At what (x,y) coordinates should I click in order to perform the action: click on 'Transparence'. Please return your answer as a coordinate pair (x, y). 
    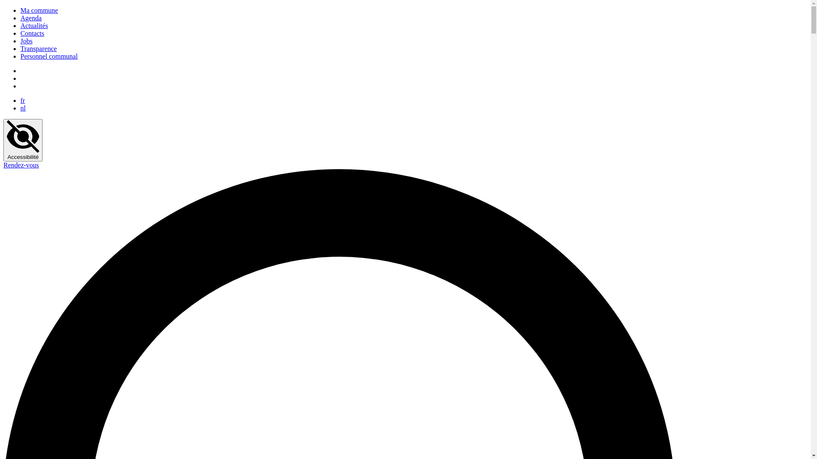
    Looking at the image, I should click on (38, 48).